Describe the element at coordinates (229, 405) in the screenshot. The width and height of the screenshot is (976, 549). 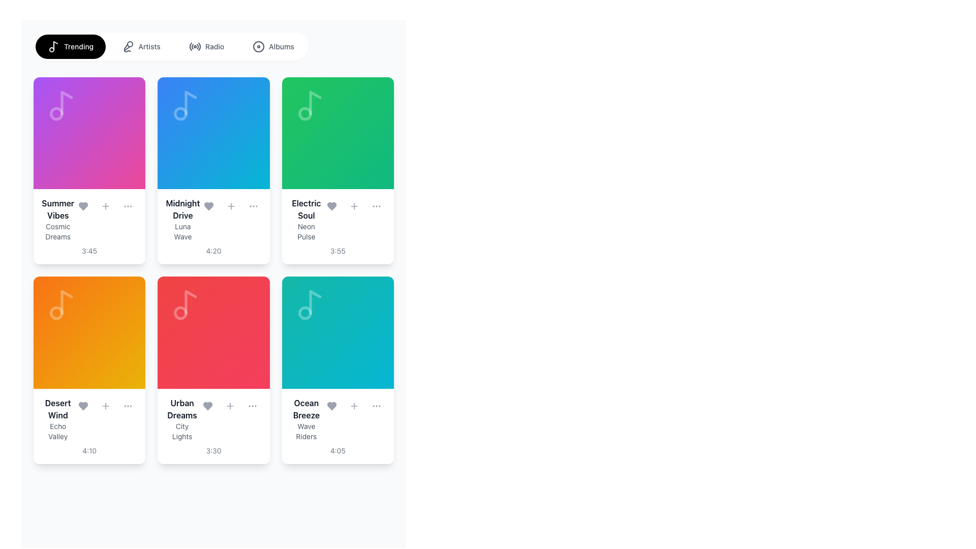
I see `the action button located under the 'Urban Dreams' card, which is the second icon` at that location.